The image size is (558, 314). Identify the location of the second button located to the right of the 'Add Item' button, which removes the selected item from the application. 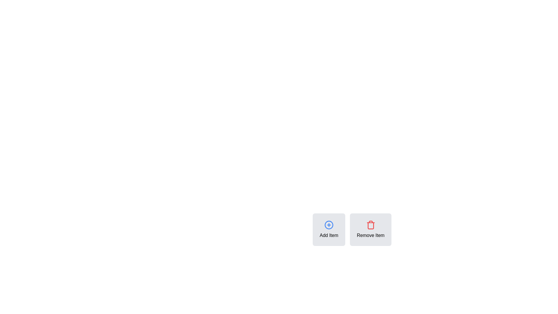
(361, 229).